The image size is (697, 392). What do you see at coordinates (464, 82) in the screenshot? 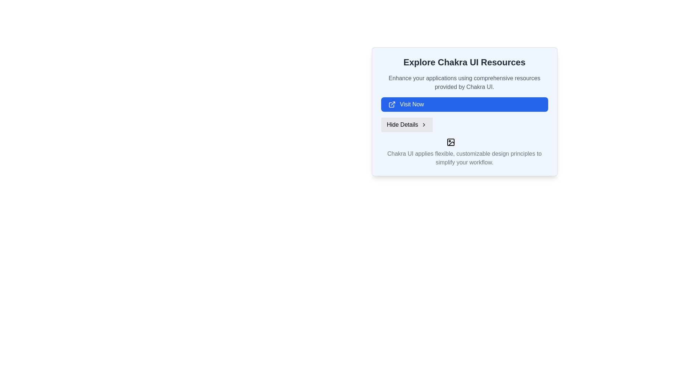
I see `the text block providing an introductory message about Chakra UI resources, located directly below the heading 'Explore Chakra UI Resources' and above the button 'Visit Now'` at bounding box center [464, 82].